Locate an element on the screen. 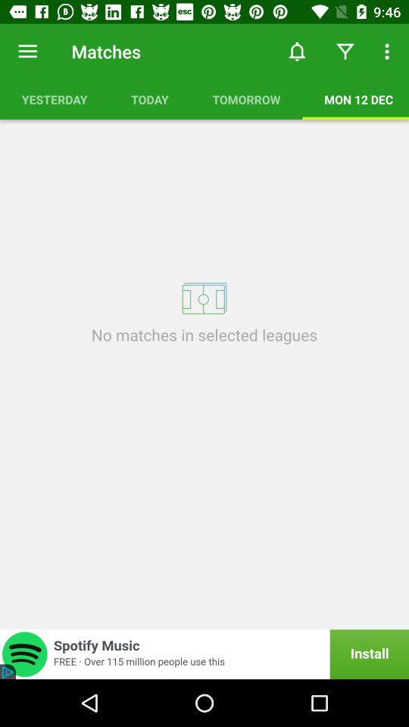 The image size is (409, 727). the icon to the left of today icon is located at coordinates (54, 98).